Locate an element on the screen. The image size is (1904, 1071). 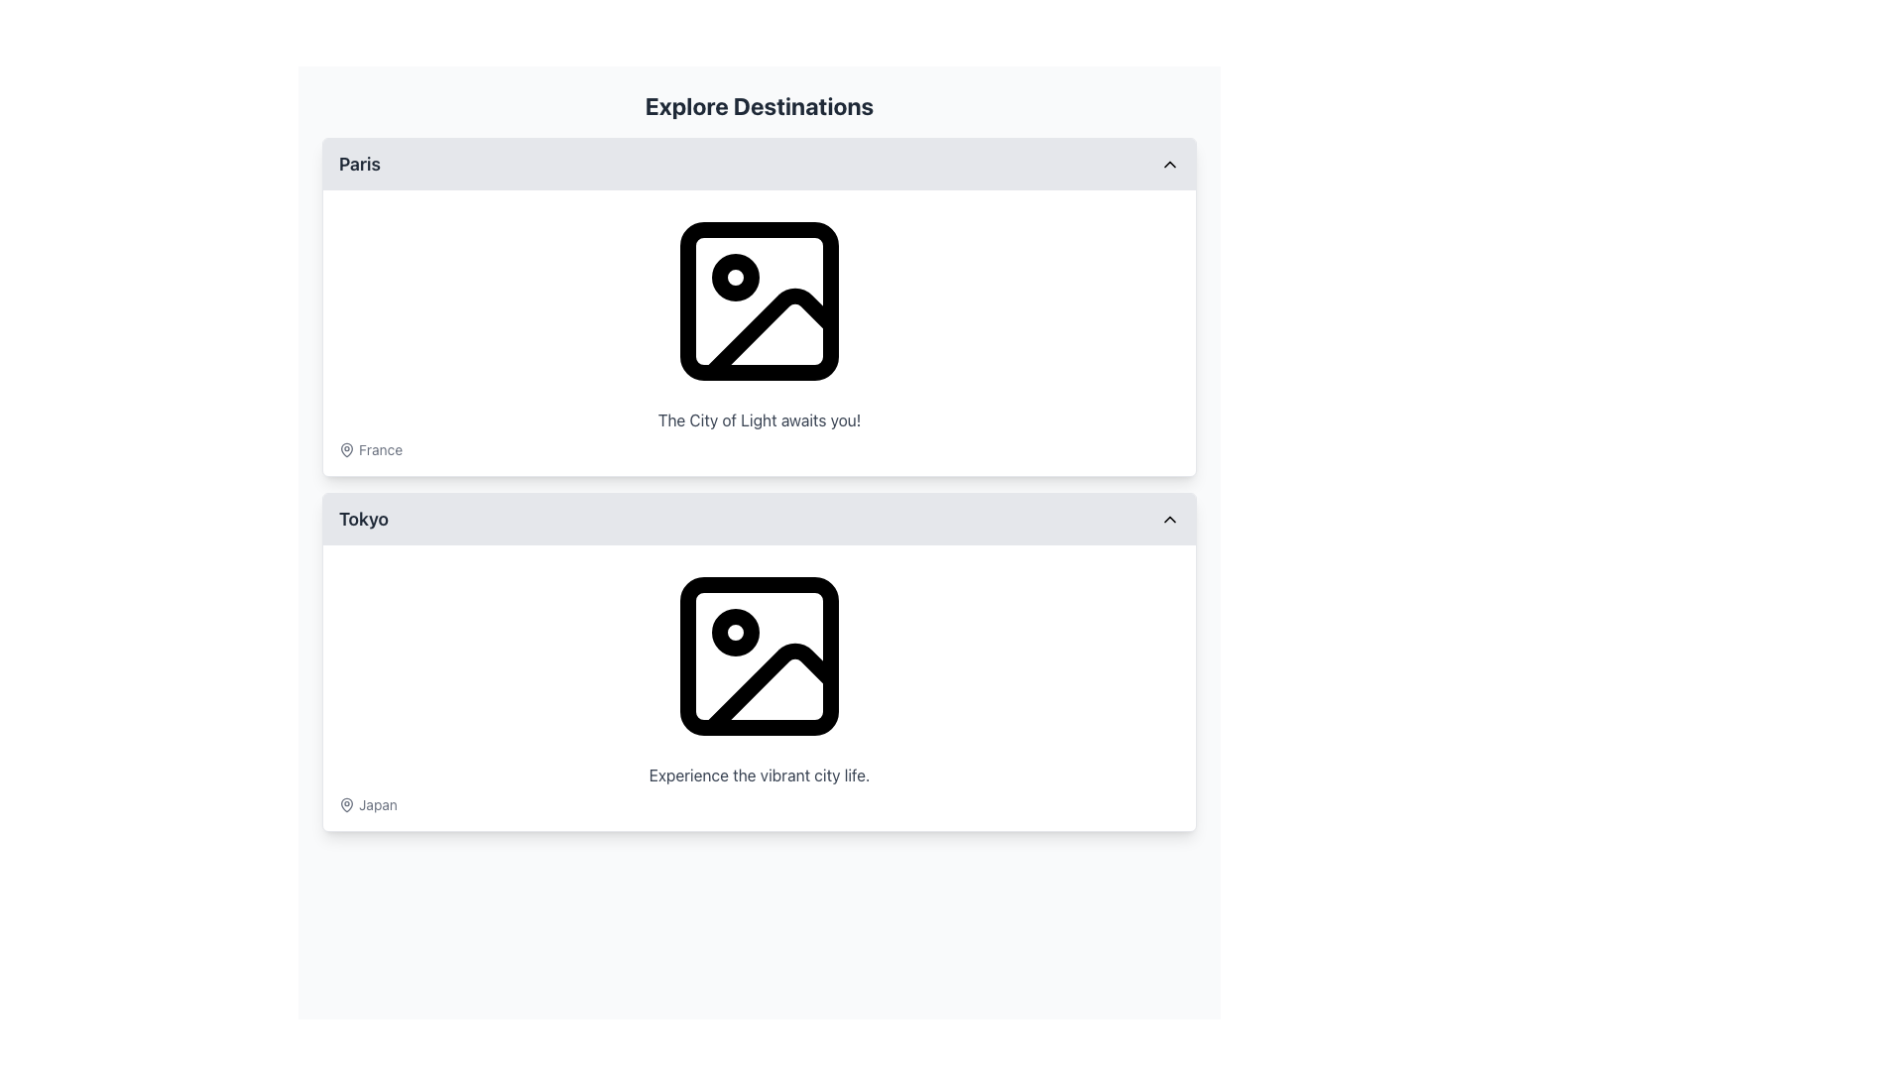
text label displaying 'Paris' in bold font located at the top-left corner of the city information card is located at coordinates (359, 163).